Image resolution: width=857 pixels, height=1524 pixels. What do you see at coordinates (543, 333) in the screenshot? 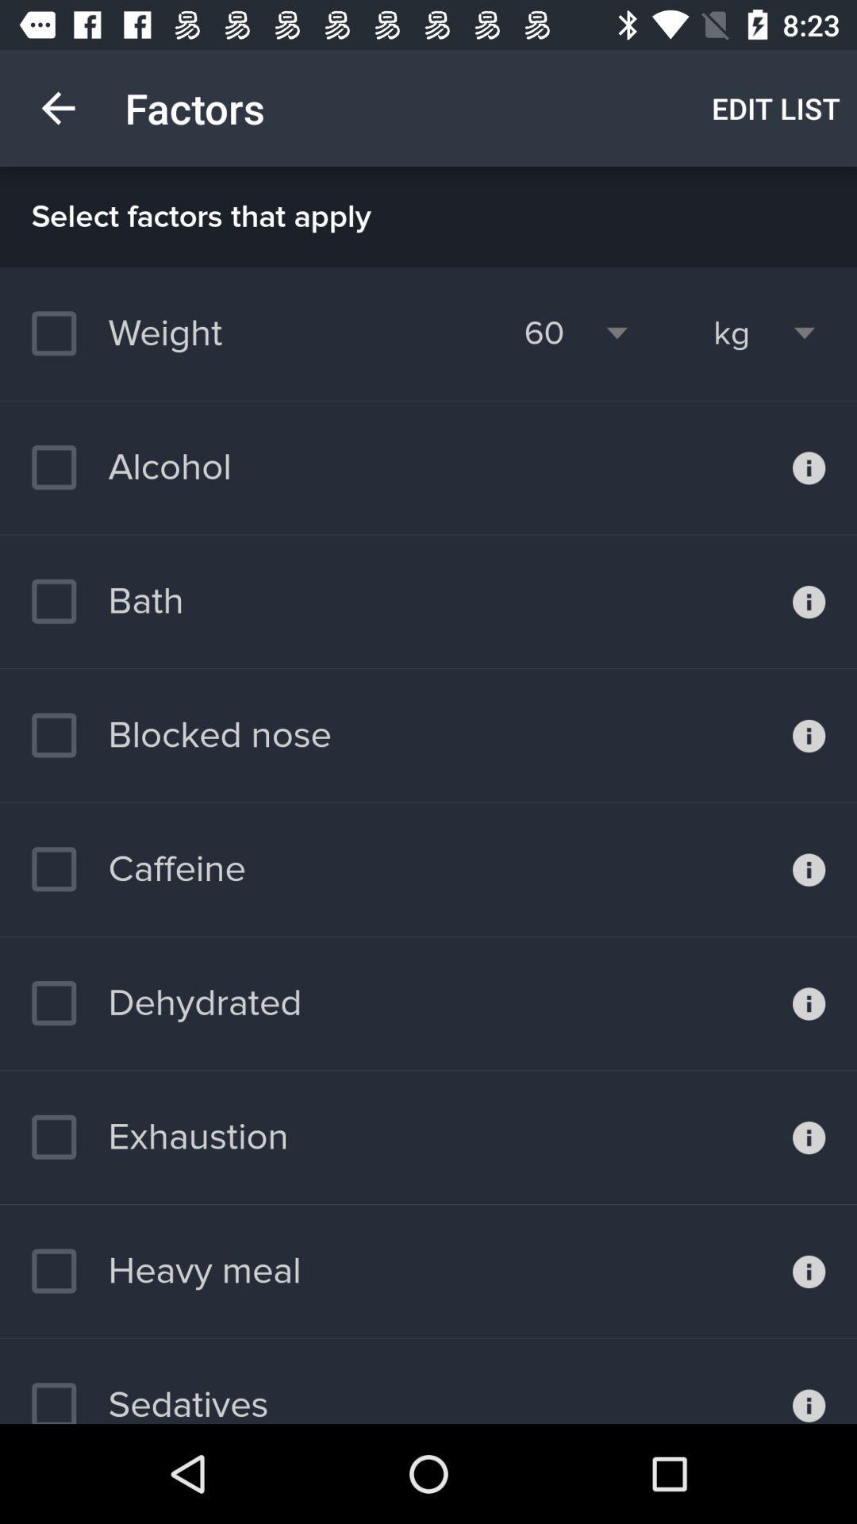
I see `the icon next to weight` at bounding box center [543, 333].